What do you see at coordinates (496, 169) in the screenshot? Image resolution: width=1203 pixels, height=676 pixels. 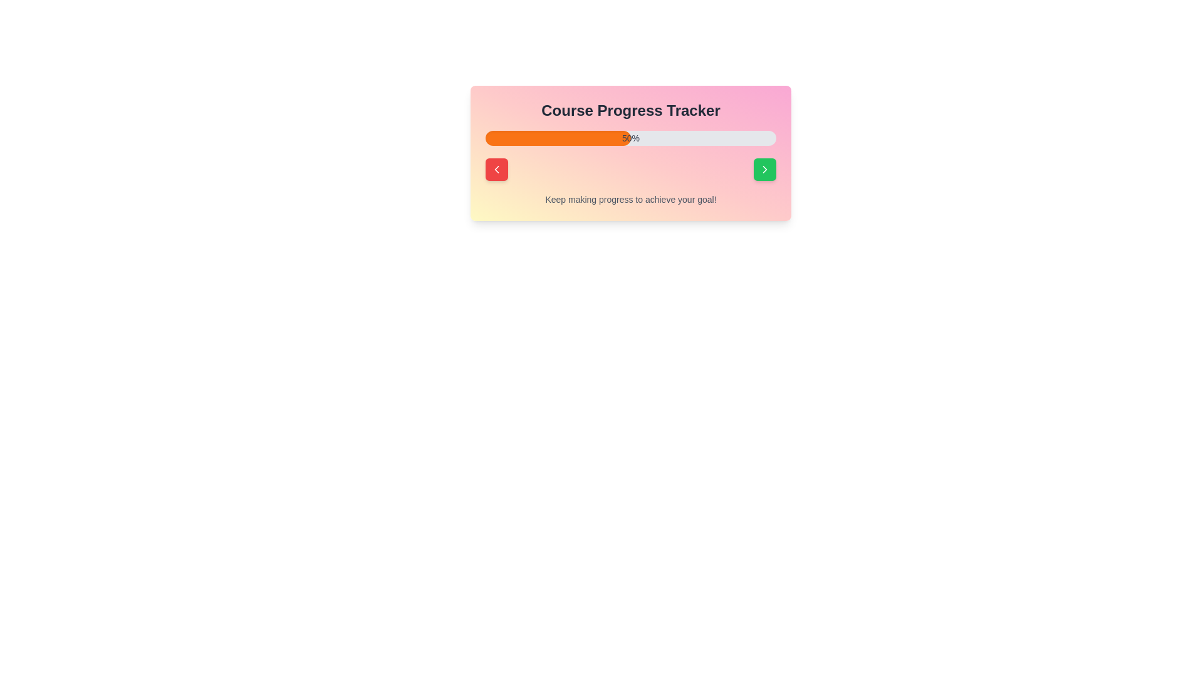 I see `the chevron icon located inside the red circular button to the left of the progress bar` at bounding box center [496, 169].